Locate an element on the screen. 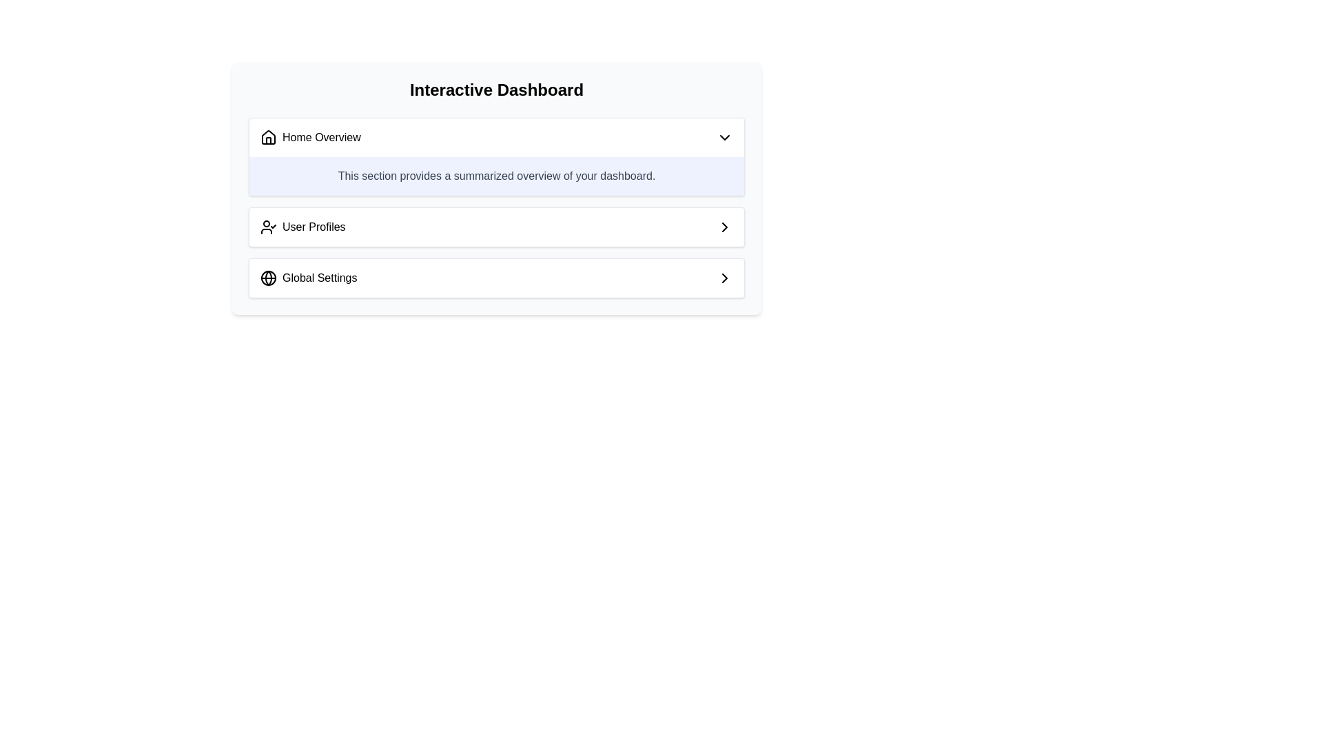 The width and height of the screenshot is (1323, 744). the chevron button located at the far-right corner of the 'Home Overview' section is located at coordinates (724, 138).